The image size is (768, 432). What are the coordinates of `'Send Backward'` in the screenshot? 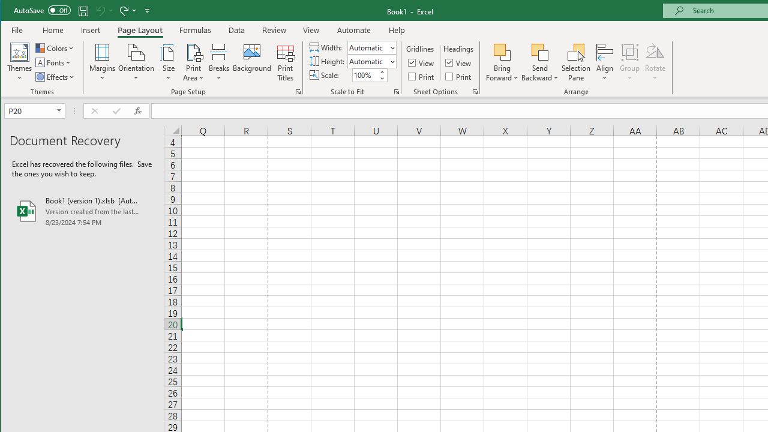 It's located at (539, 51).